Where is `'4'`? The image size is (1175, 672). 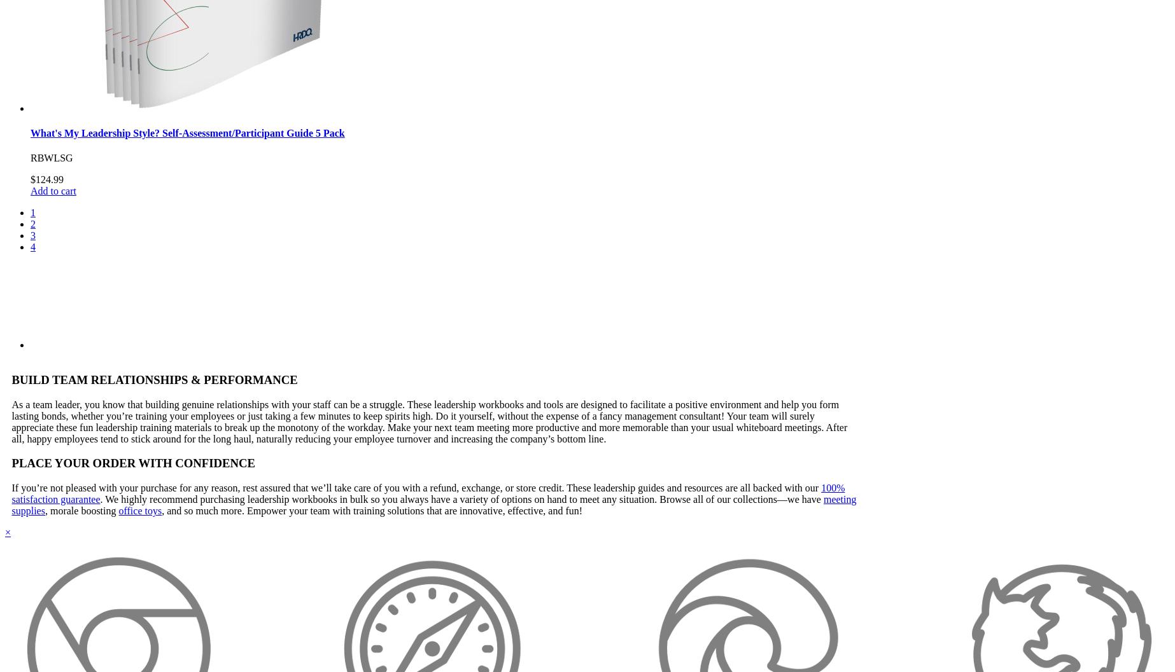 '4' is located at coordinates (33, 246).